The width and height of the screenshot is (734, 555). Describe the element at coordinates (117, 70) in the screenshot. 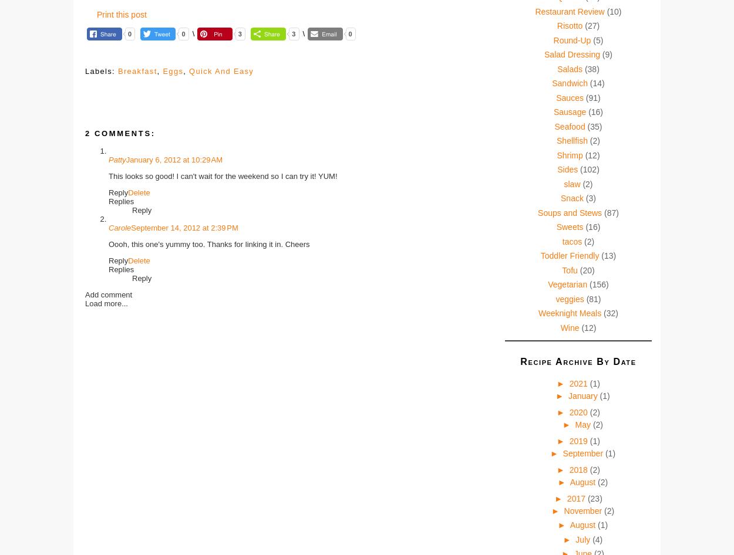

I see `'Breakfast'` at that location.